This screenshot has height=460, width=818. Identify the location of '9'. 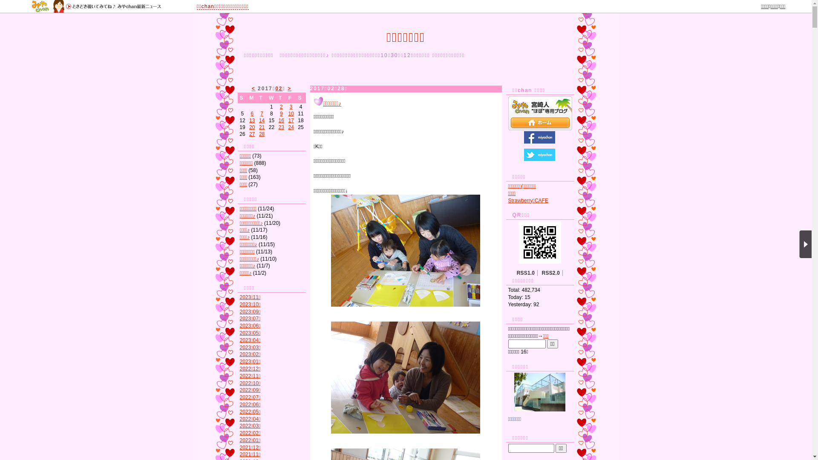
(281, 113).